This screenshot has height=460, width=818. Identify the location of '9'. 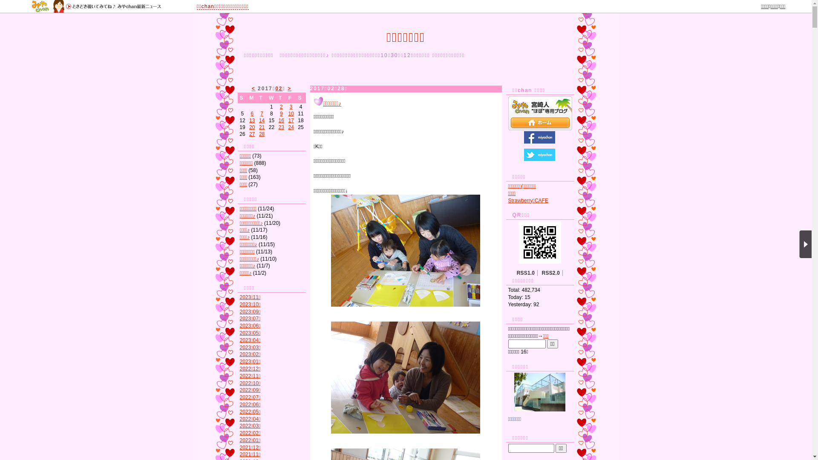
(281, 113).